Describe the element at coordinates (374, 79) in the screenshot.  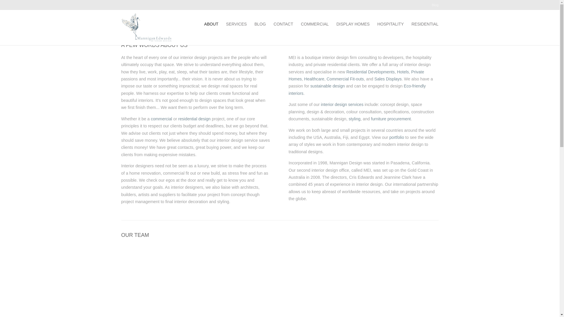
I see `'Sales Displays'` at that location.